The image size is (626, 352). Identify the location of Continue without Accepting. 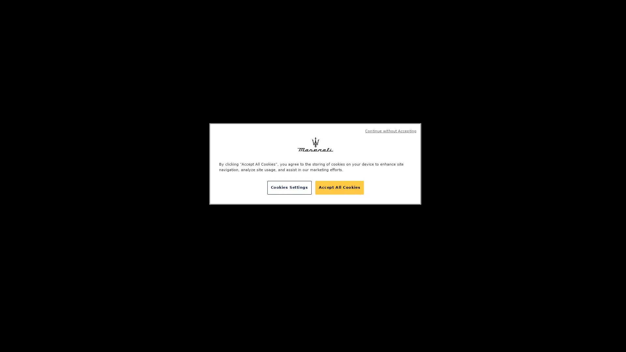
(391, 131).